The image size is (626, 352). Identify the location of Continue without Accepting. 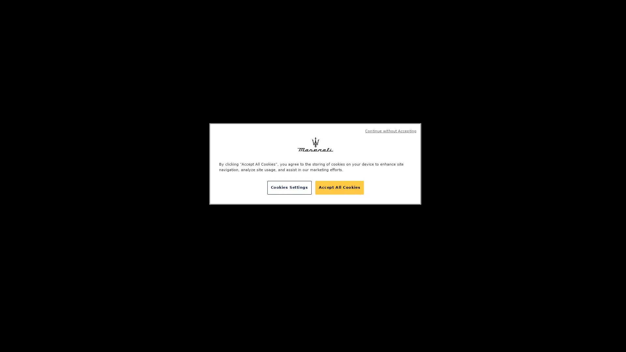
(391, 131).